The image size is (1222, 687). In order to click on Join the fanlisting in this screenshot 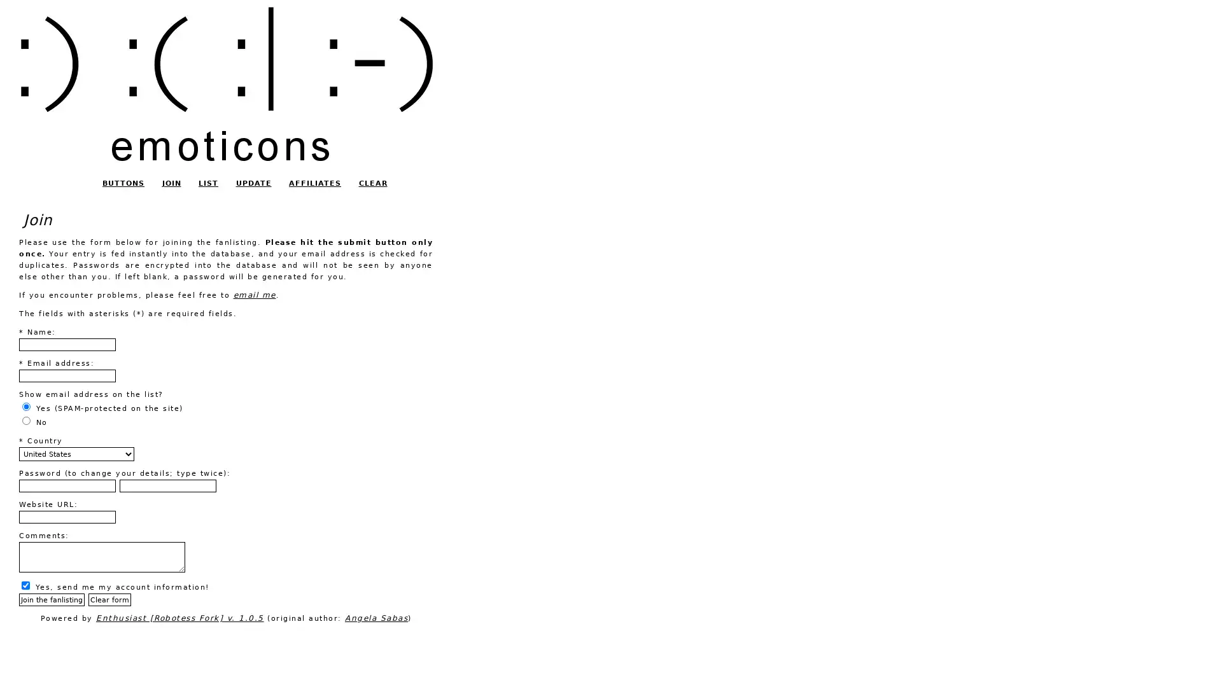, I will do `click(51, 599)`.